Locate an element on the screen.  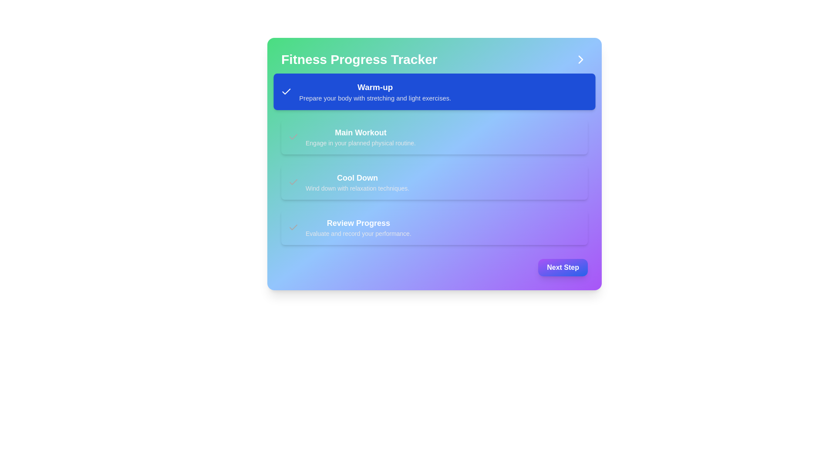
text block component that informs the user about the 'Review Progress' activity, located beneath the 'Cool Down' item and above the 'Next Step' button is located at coordinates (358, 227).